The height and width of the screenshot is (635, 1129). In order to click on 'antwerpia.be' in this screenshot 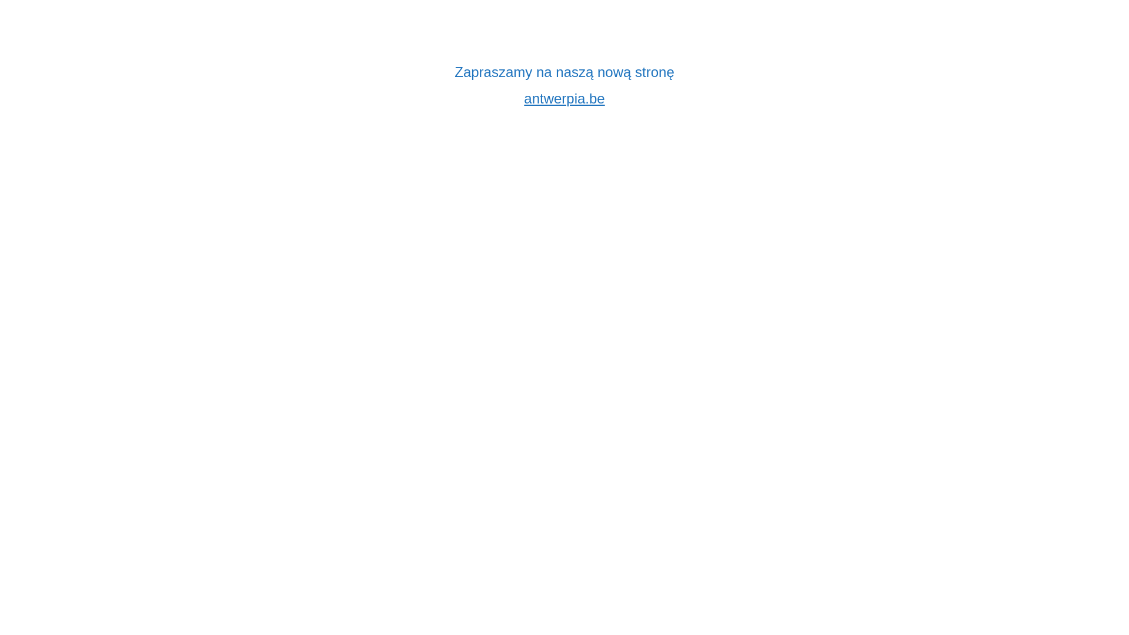, I will do `click(563, 98)`.